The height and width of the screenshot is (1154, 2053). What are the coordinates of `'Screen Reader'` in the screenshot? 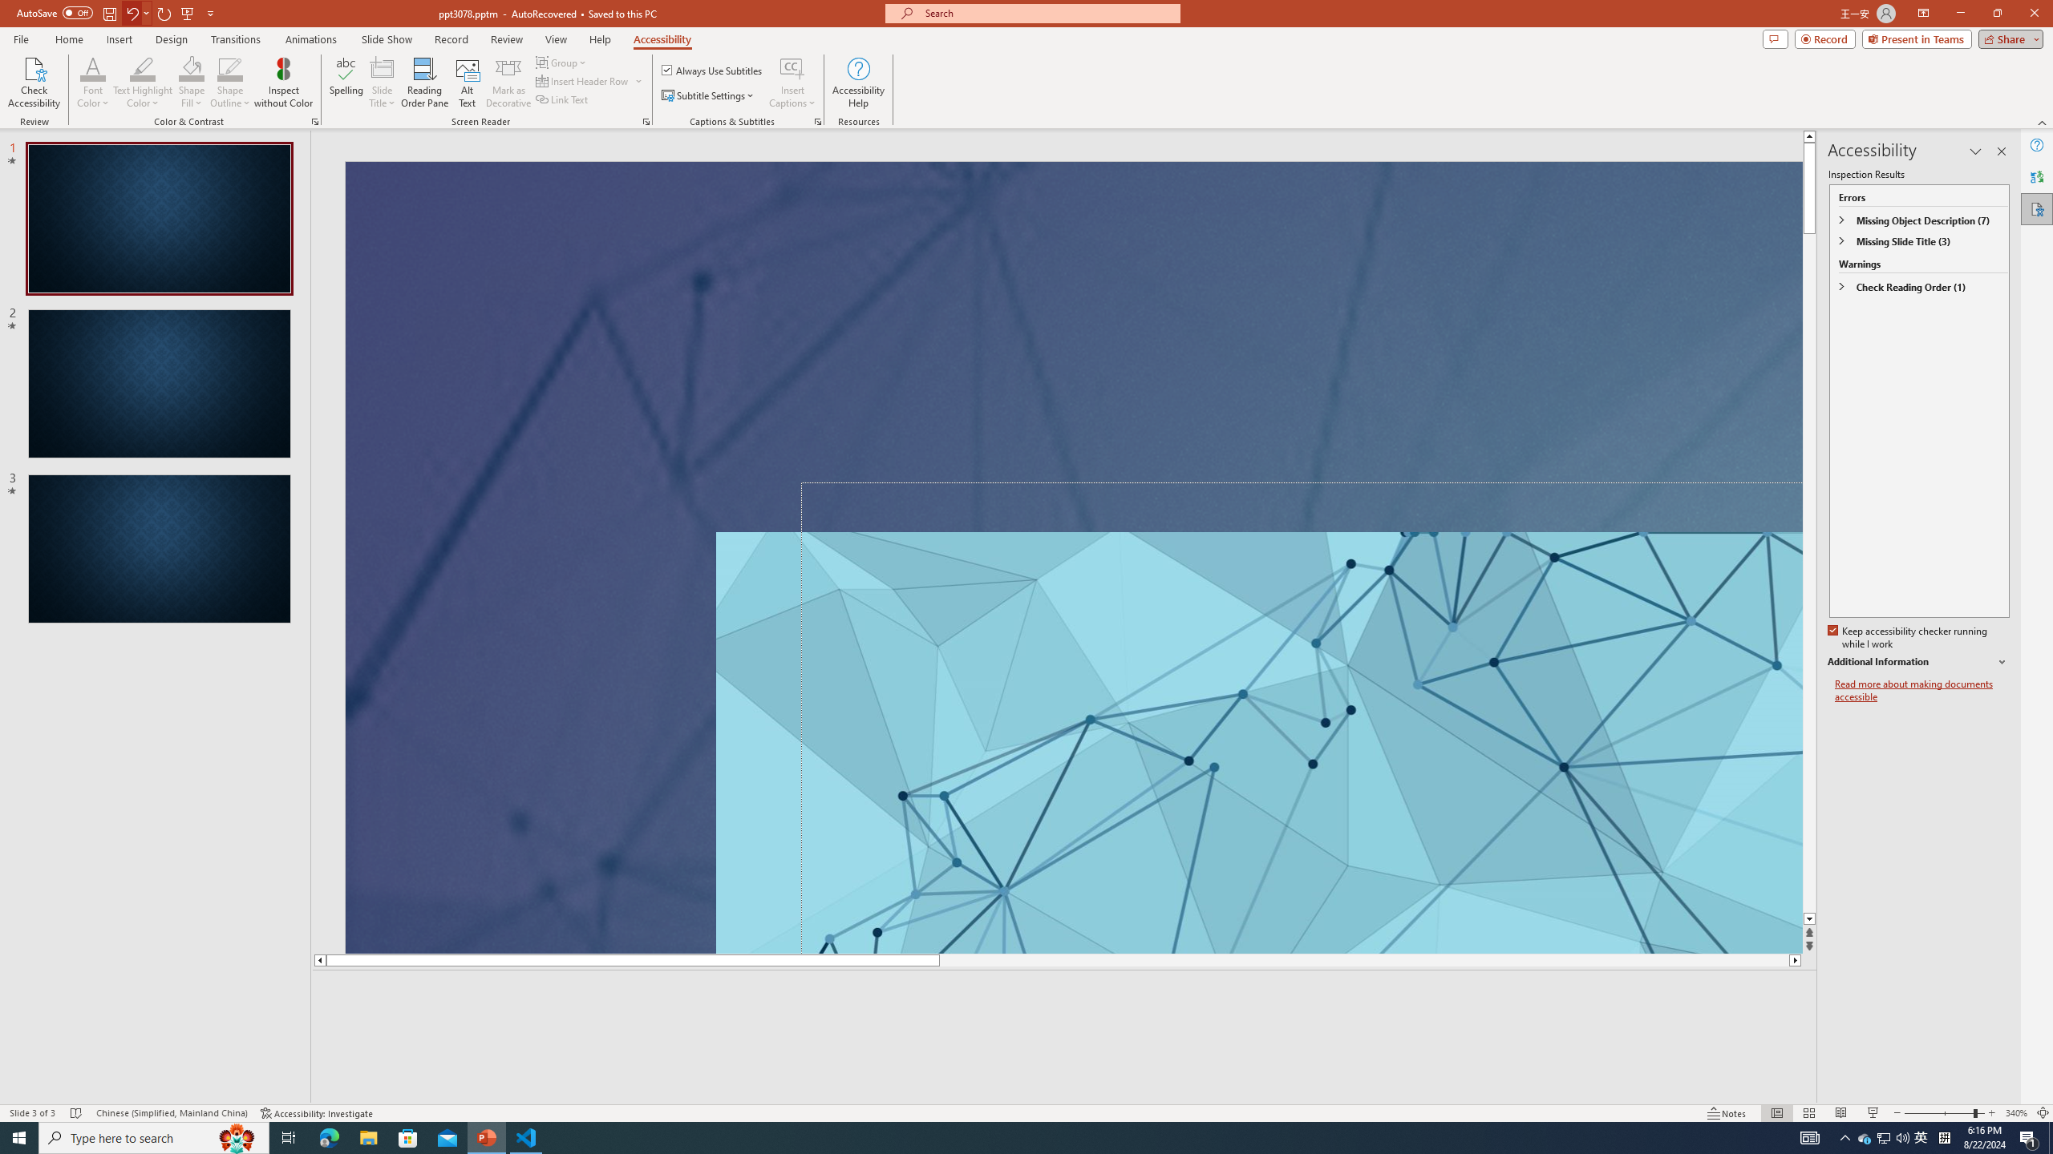 It's located at (646, 120).